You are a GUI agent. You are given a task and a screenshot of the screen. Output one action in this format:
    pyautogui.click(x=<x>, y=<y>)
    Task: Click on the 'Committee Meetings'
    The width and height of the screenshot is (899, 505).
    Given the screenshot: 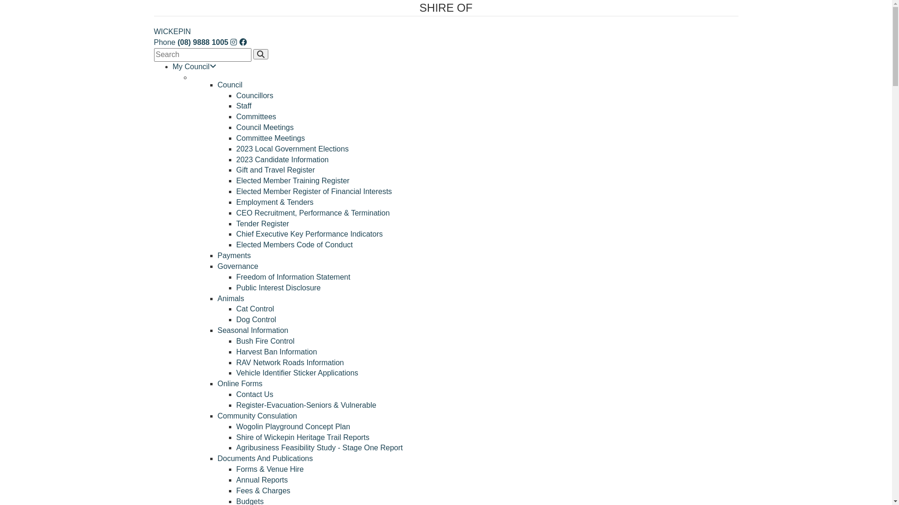 What is the action you would take?
    pyautogui.click(x=236, y=138)
    